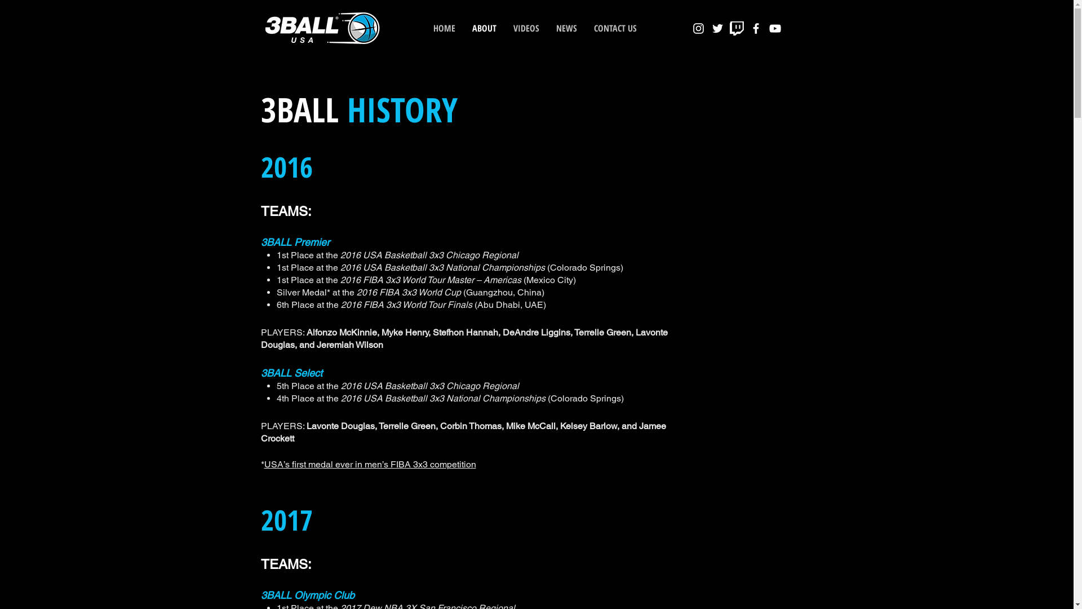 This screenshot has height=609, width=1082. Describe the element at coordinates (484, 28) in the screenshot. I see `'ABOUT'` at that location.